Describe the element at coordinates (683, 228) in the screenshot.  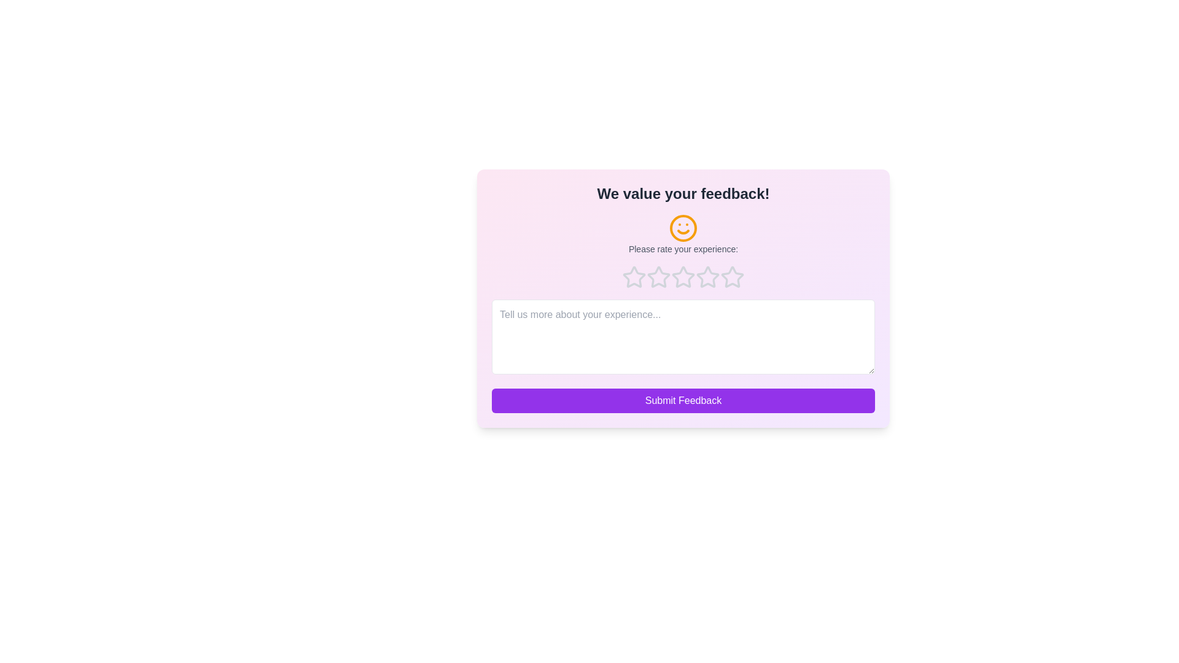
I see `the smiling face icon, which is amber-yellow and located in the purple-themed feedback form, directly above the star rating icons` at that location.